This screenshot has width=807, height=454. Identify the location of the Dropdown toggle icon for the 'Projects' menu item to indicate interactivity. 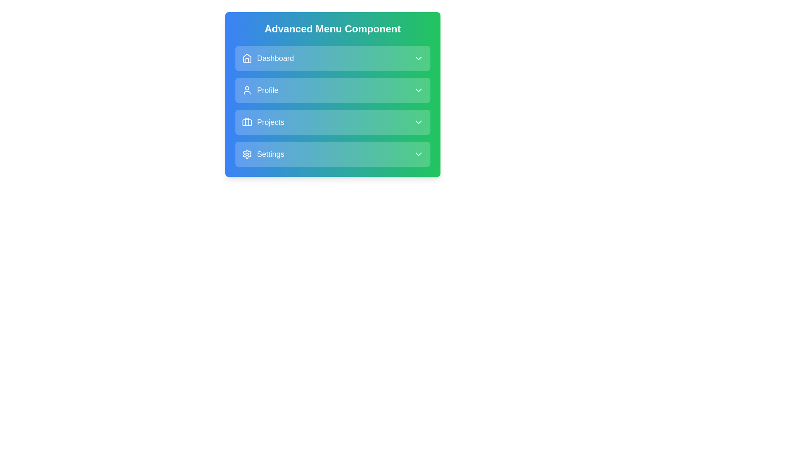
(418, 122).